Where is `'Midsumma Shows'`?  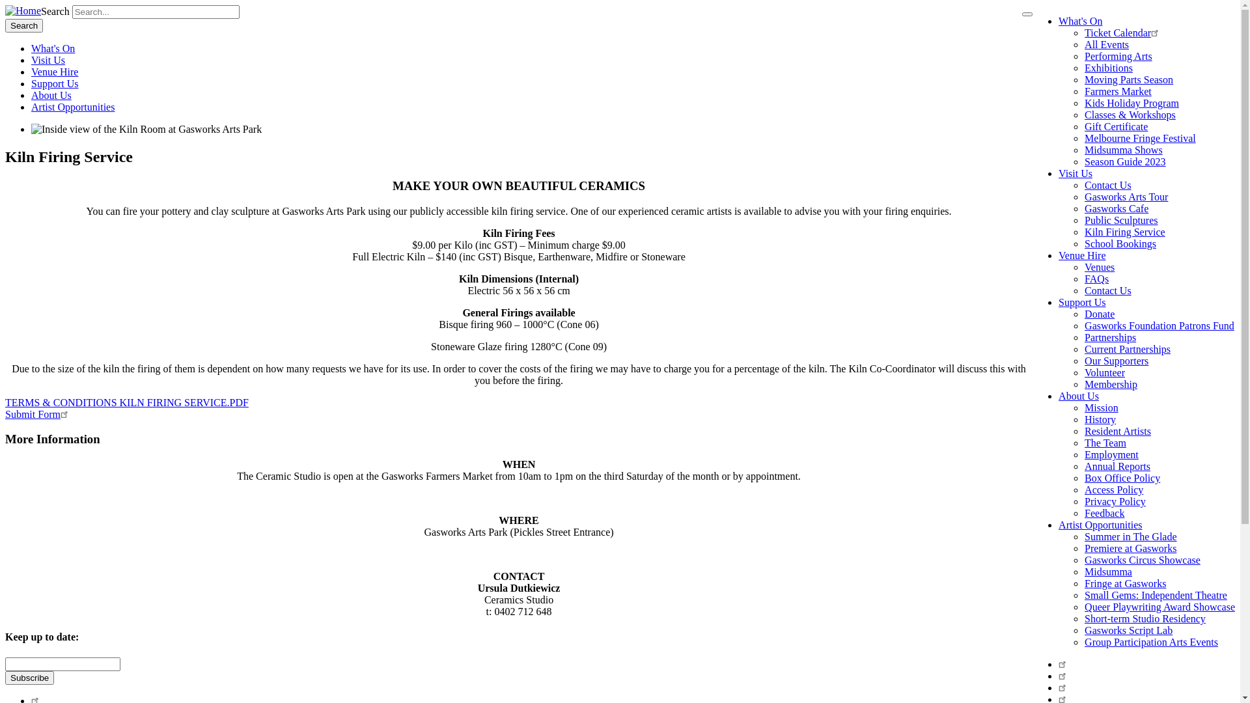
'Midsumma Shows' is located at coordinates (1084, 149).